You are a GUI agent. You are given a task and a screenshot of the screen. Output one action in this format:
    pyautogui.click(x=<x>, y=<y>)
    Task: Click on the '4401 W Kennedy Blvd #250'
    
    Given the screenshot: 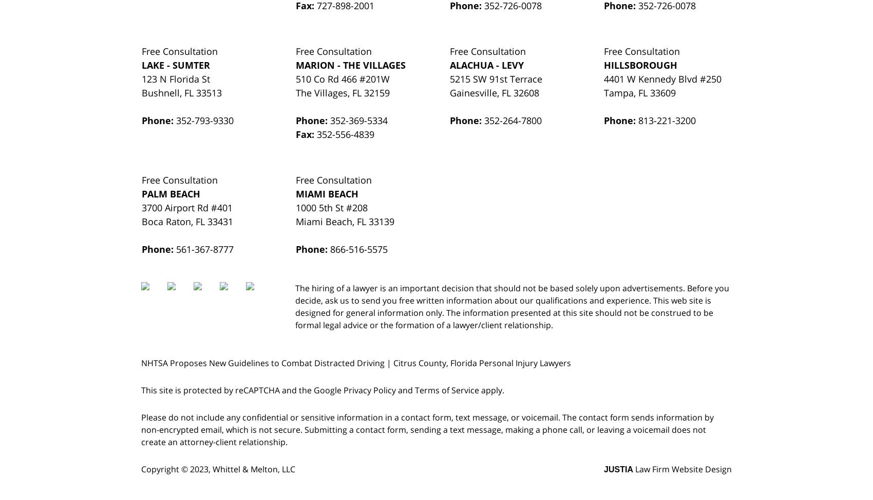 What is the action you would take?
    pyautogui.click(x=603, y=78)
    